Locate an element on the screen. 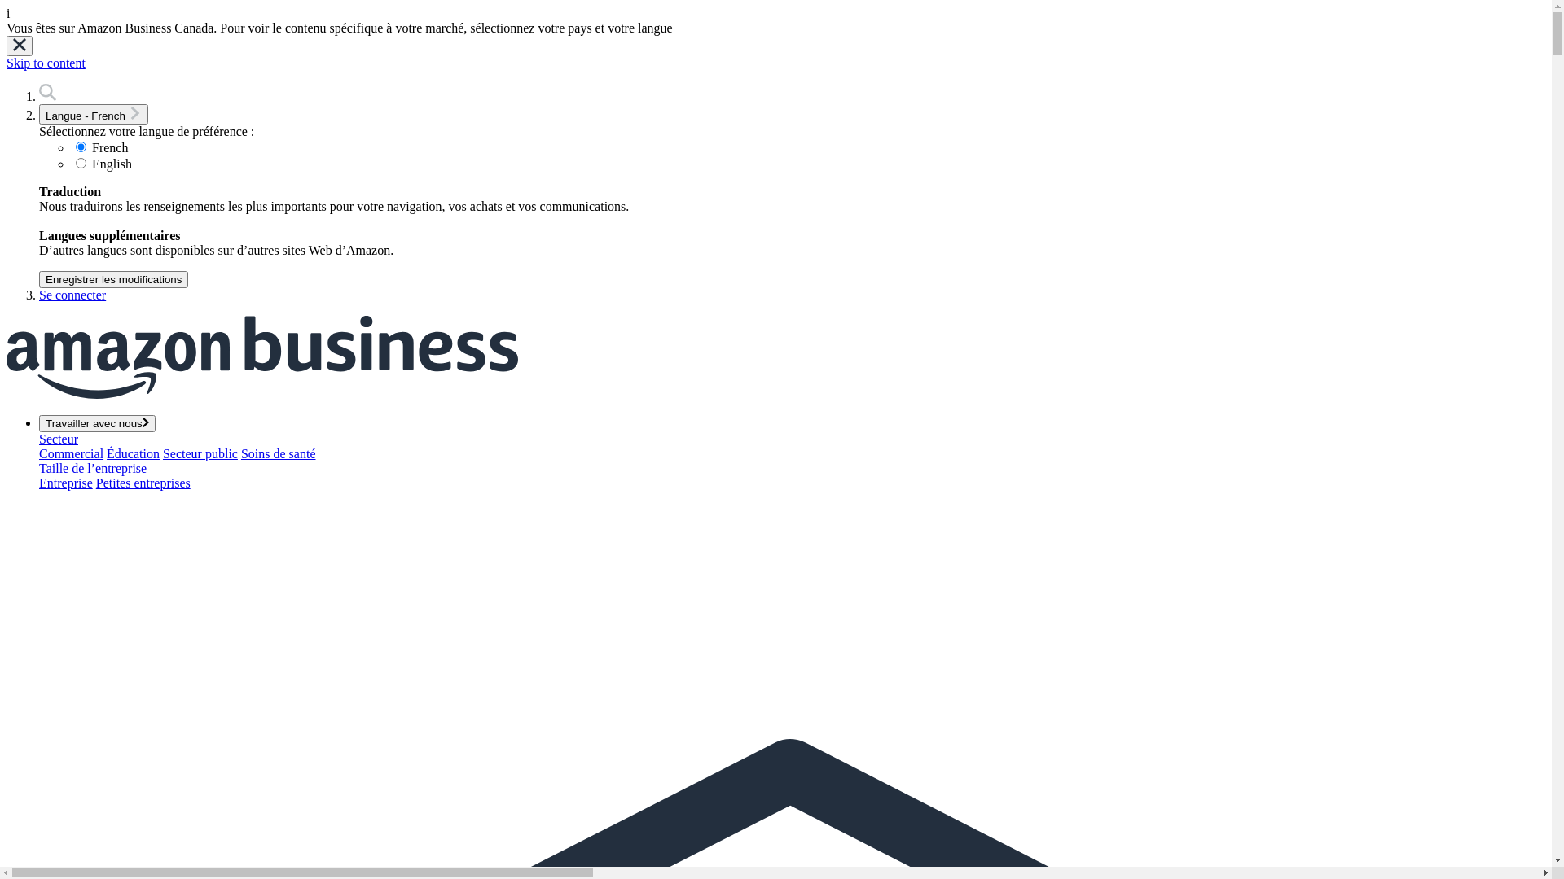 The height and width of the screenshot is (879, 1564). 'Petites entreprises' is located at coordinates (143, 482).